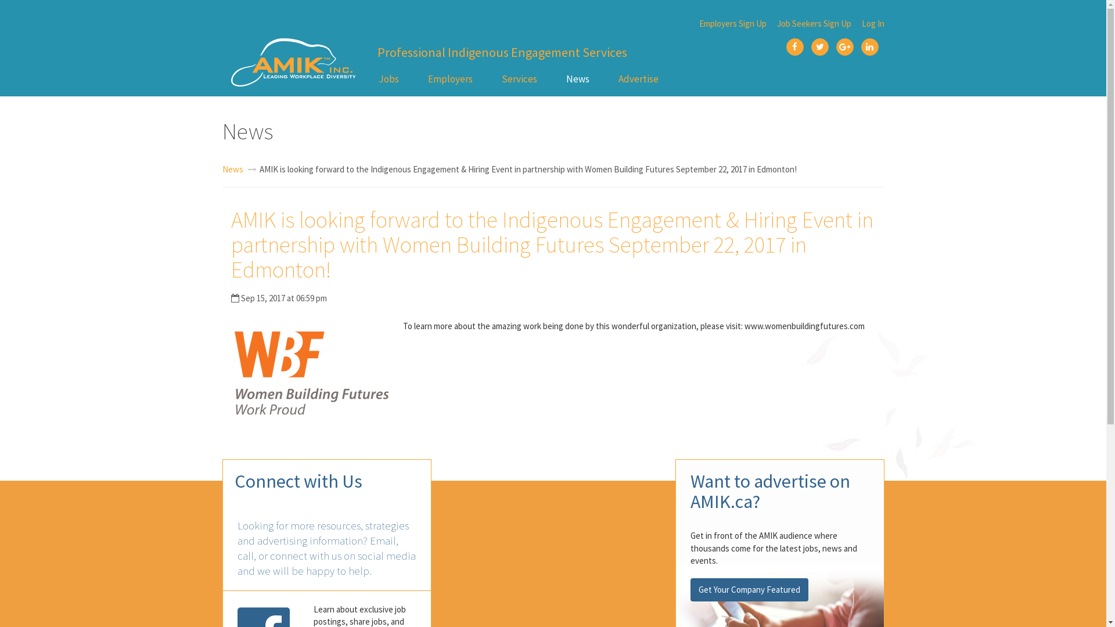 This screenshot has height=627, width=1115. What do you see at coordinates (449, 78) in the screenshot?
I see `'Employers'` at bounding box center [449, 78].